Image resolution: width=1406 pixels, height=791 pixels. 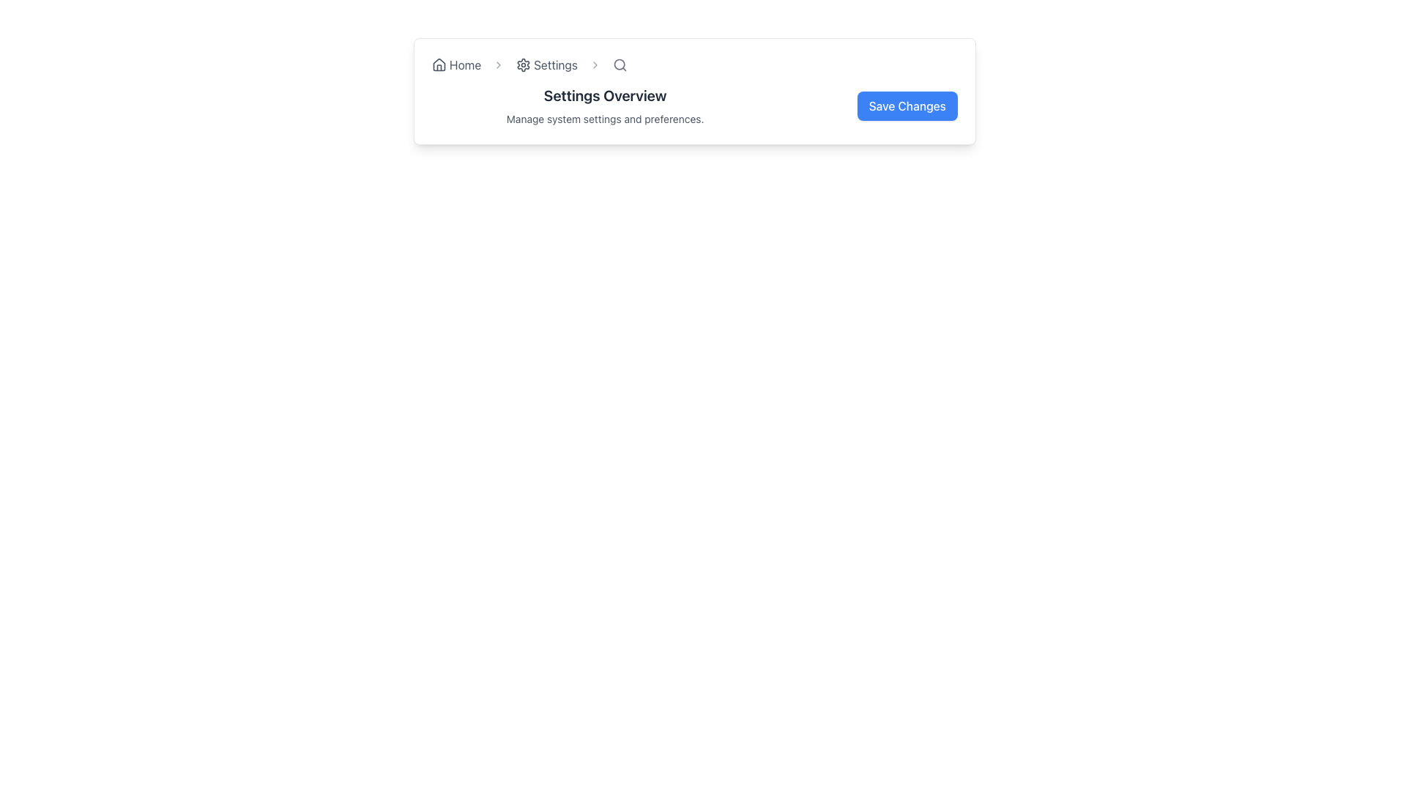 What do you see at coordinates (620, 64) in the screenshot?
I see `the central circle of the SVG search icon located in the upper-right corner navigation bar` at bounding box center [620, 64].